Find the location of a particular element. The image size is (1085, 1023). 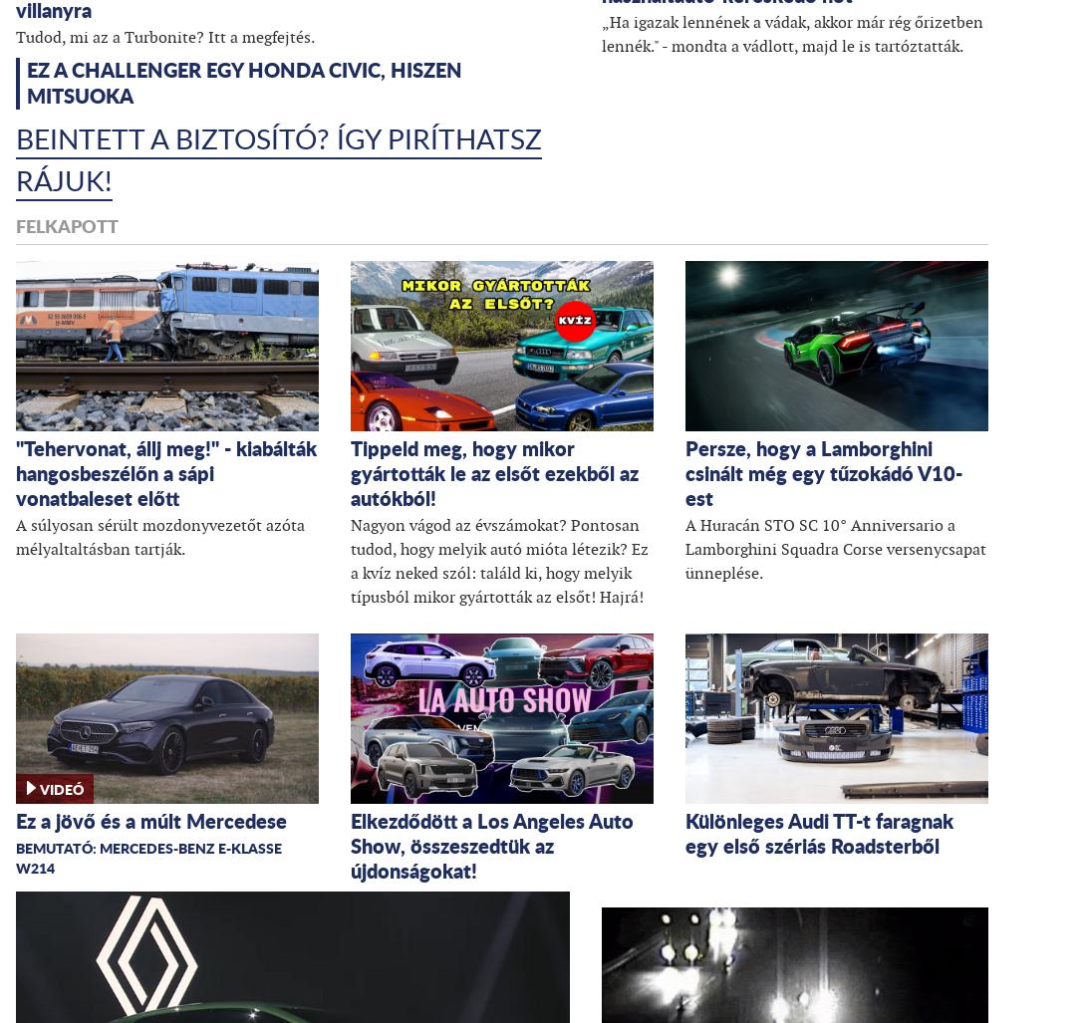

'Tudod, mi az a Turbonite? Itt a megfejtés.' is located at coordinates (164, 36).